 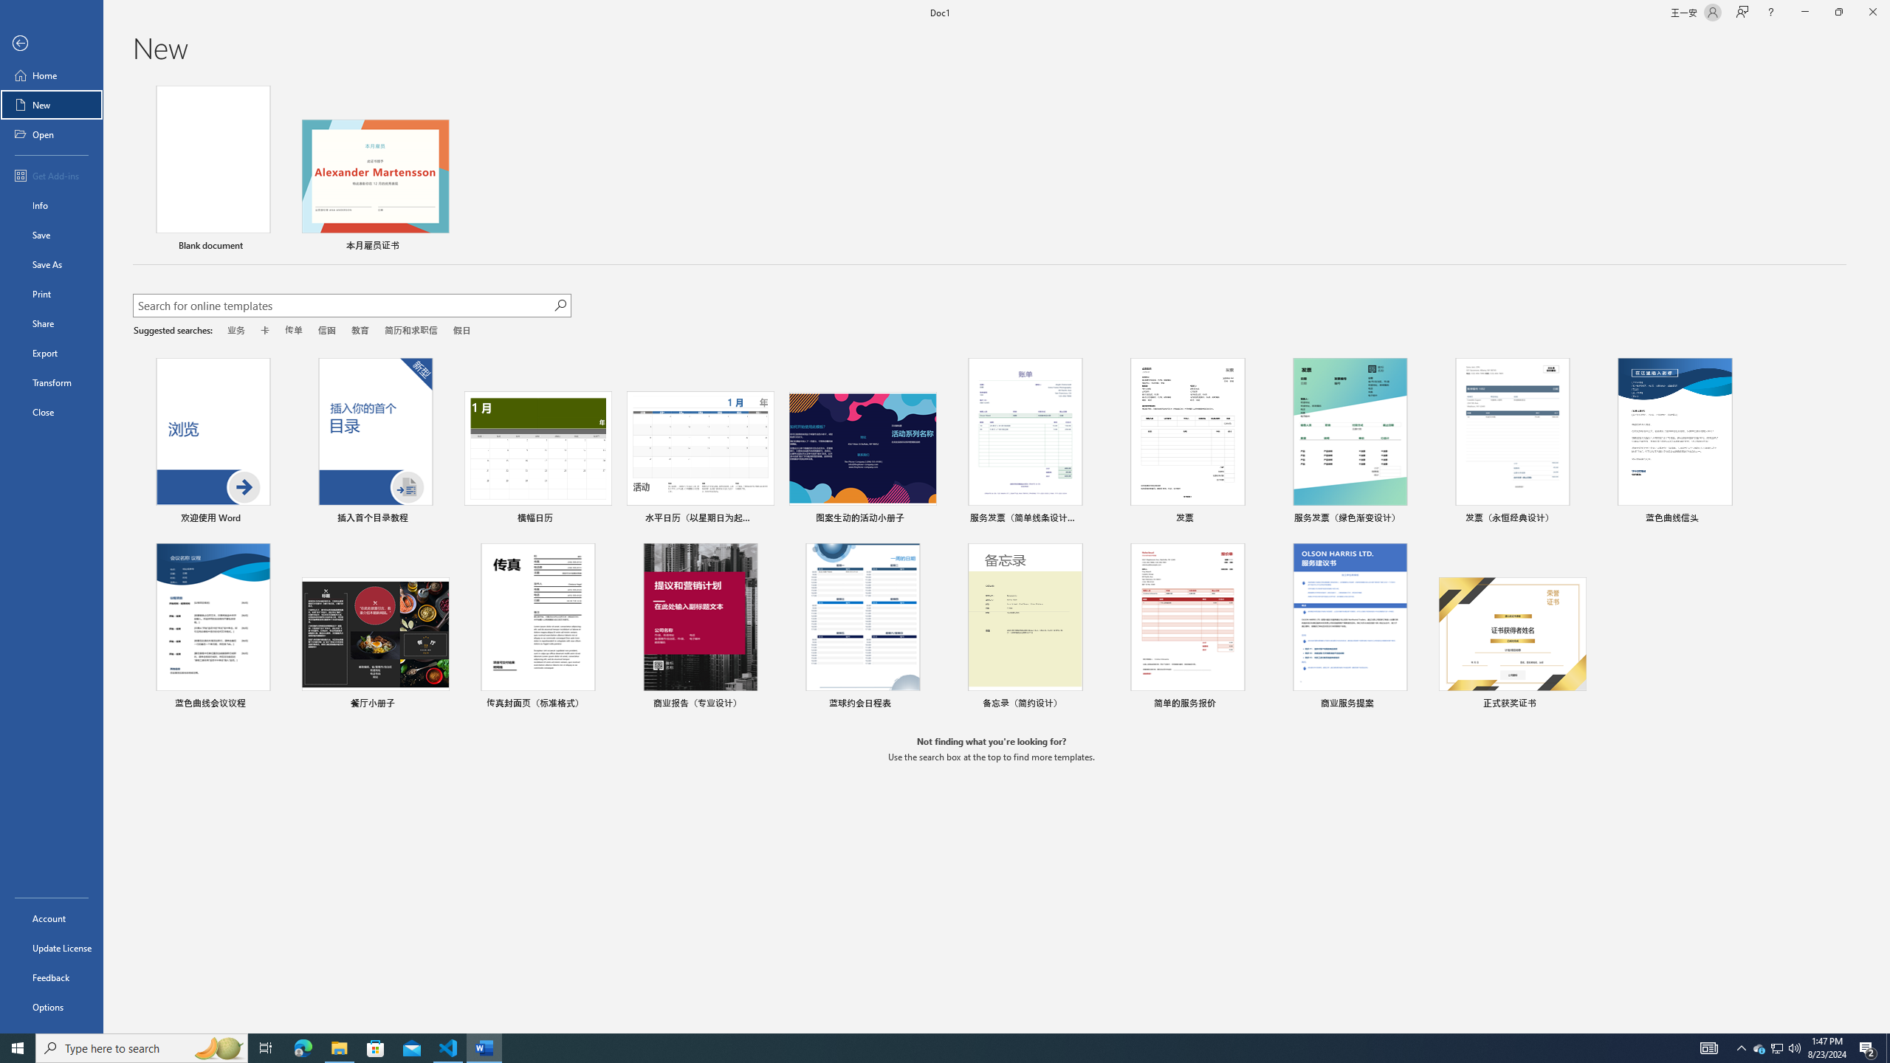 I want to click on 'Feedback', so click(x=51, y=977).